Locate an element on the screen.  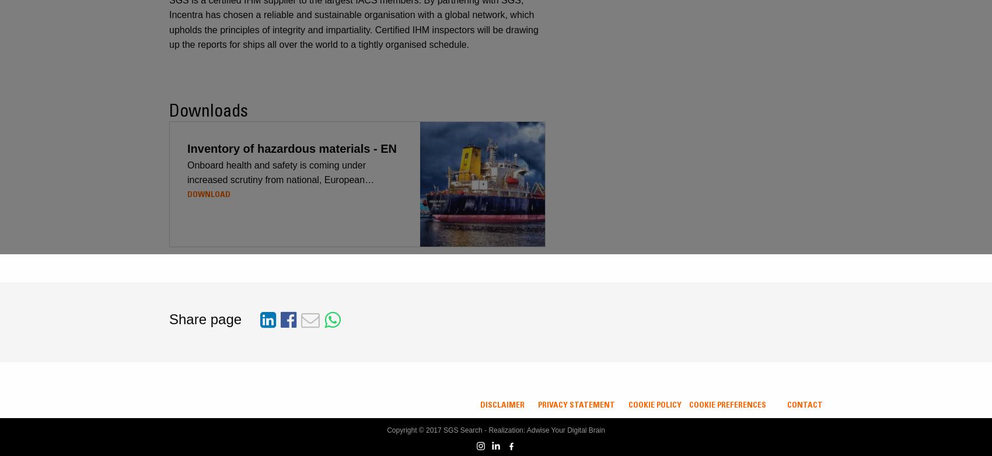
'Contact' is located at coordinates (805, 404).